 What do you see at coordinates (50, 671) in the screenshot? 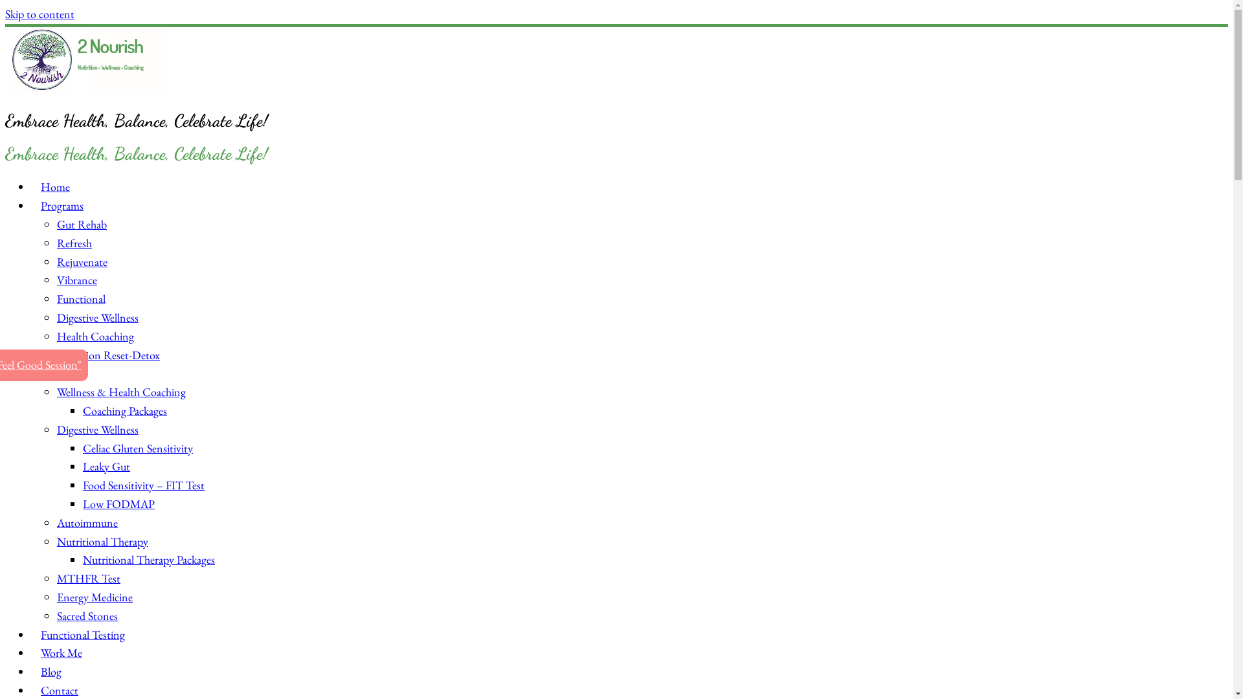
I see `'Blog'` at bounding box center [50, 671].